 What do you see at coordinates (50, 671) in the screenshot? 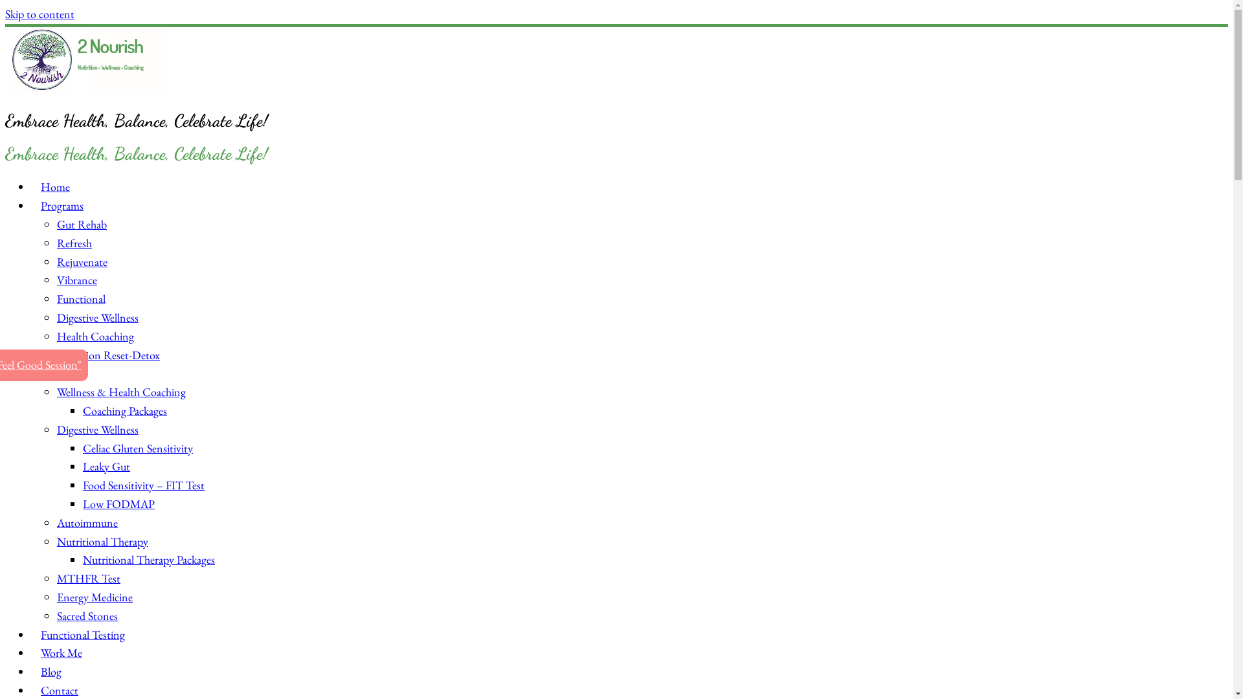
I see `'Blog'` at bounding box center [50, 671].